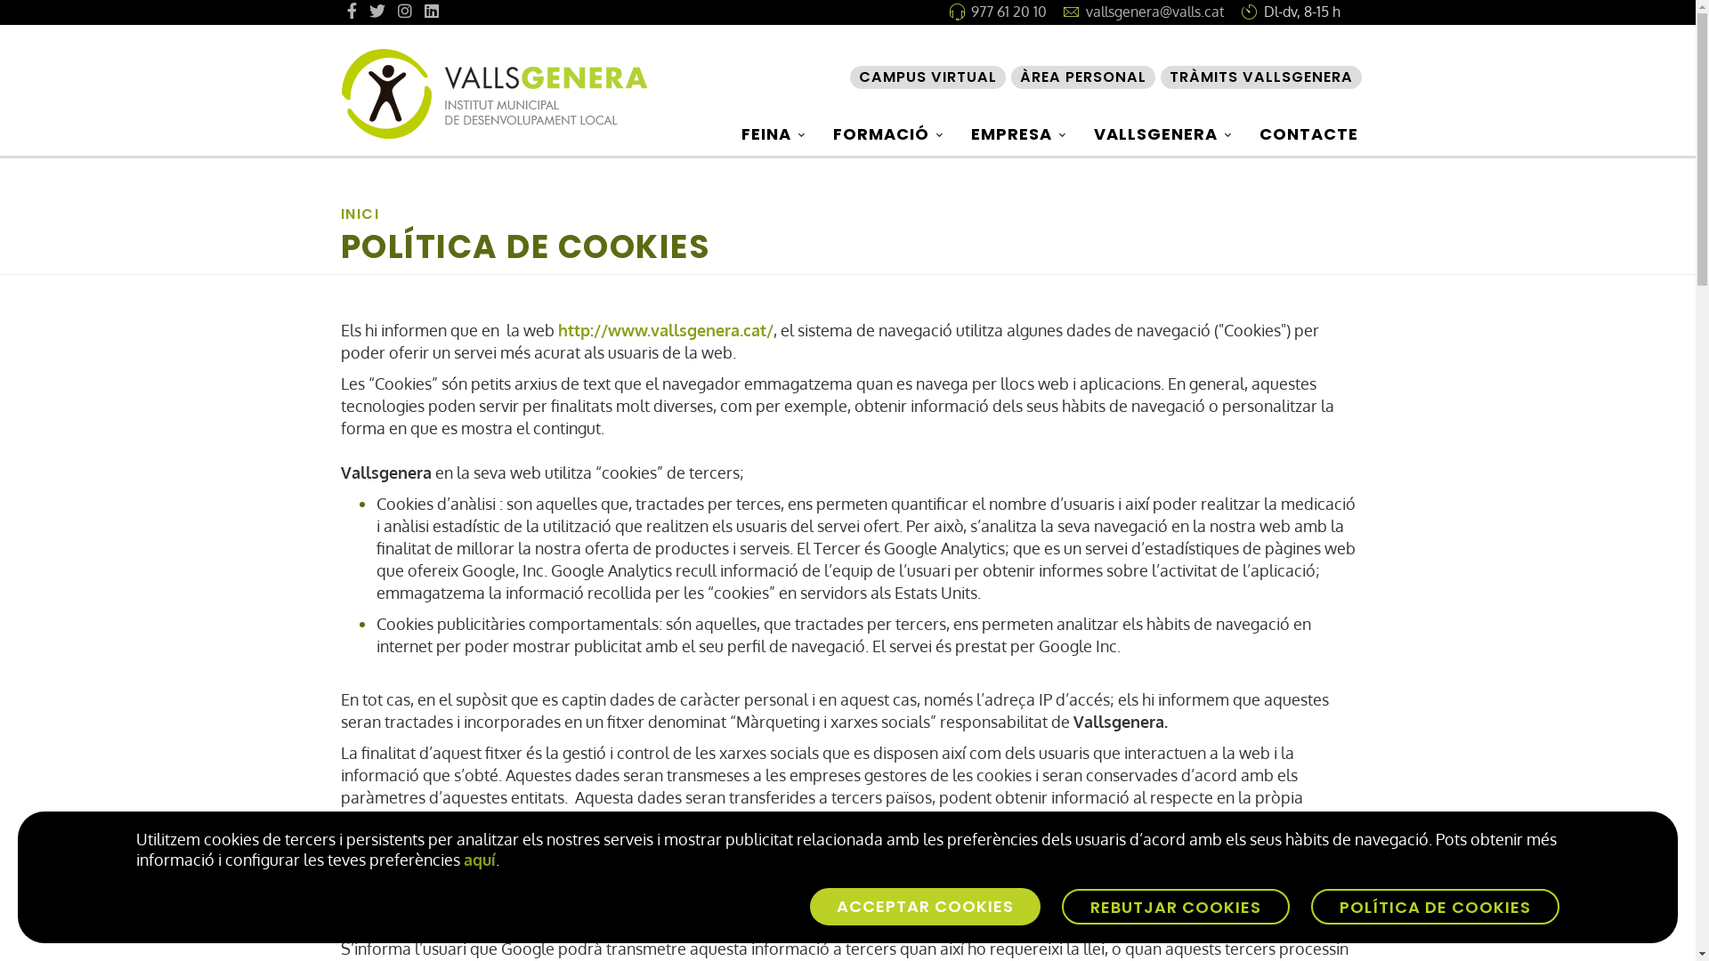  I want to click on 'CAMPUS VIRTUAL', so click(926, 77).